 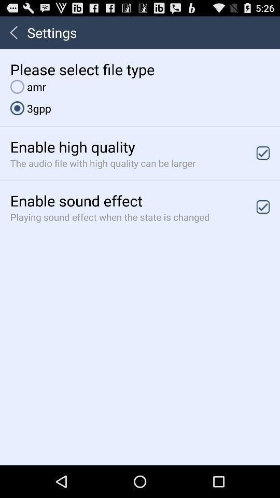 I want to click on validate option, so click(x=263, y=206).